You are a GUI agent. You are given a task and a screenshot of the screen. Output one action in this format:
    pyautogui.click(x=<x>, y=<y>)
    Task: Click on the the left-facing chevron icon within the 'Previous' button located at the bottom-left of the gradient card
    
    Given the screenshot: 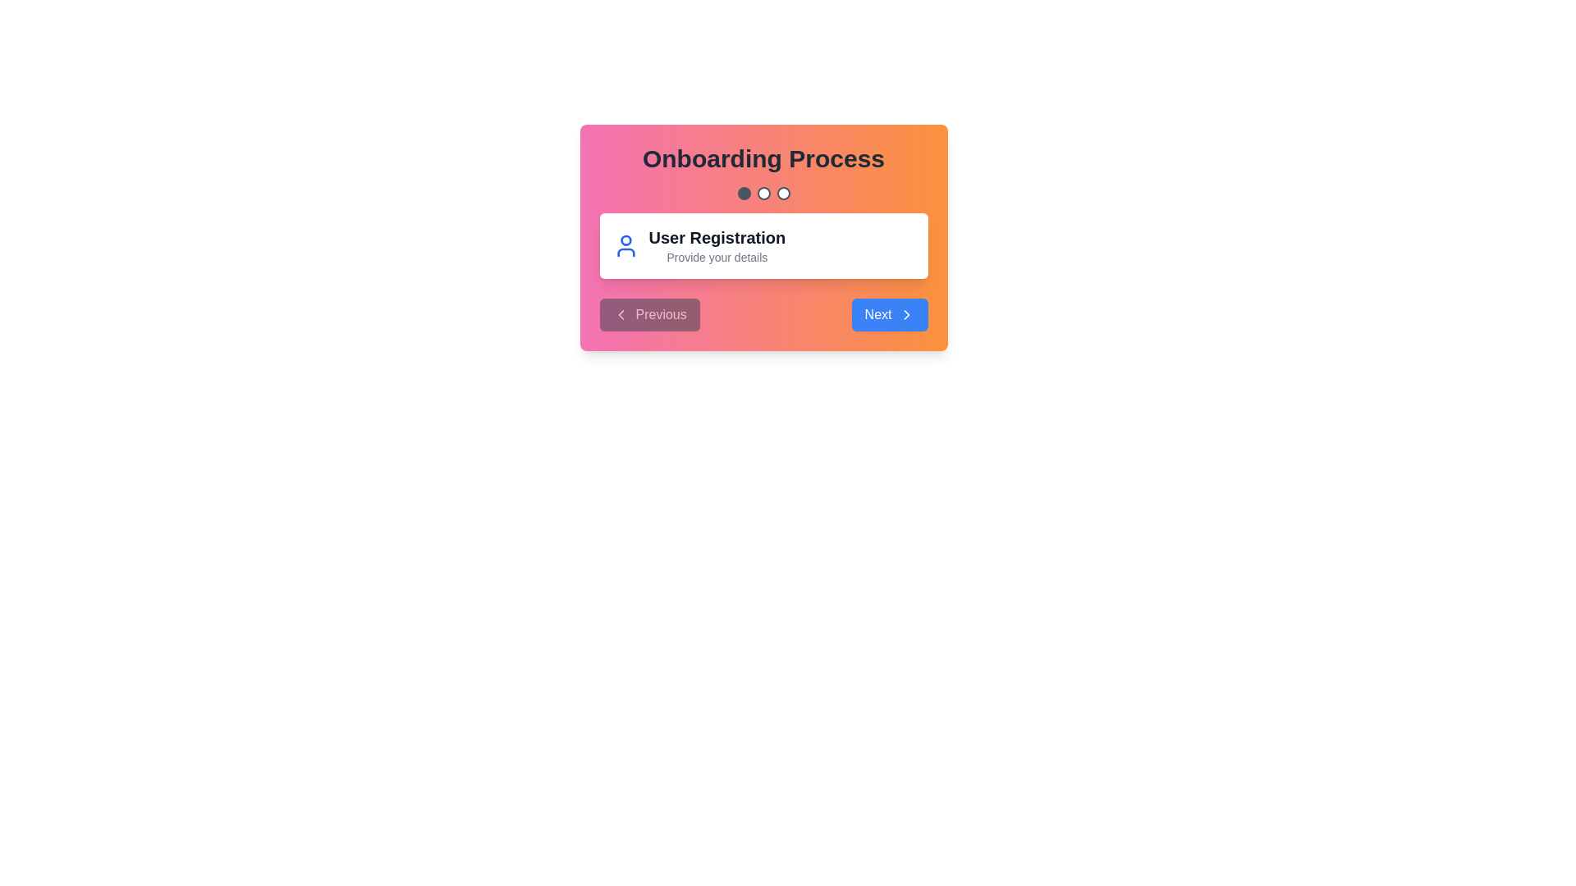 What is the action you would take?
    pyautogui.click(x=620, y=315)
    